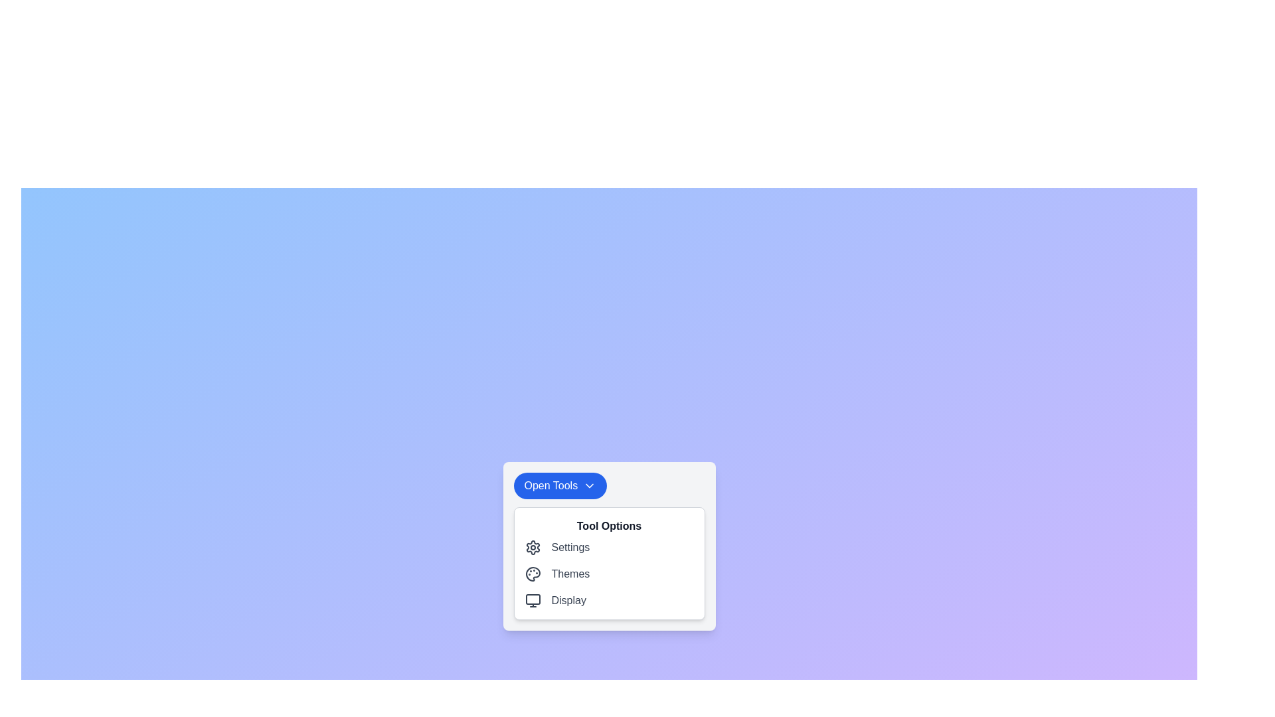 This screenshot has width=1275, height=717. Describe the element at coordinates (533, 573) in the screenshot. I see `the painter's palette icon located to the left of the 'Themes' text` at that location.